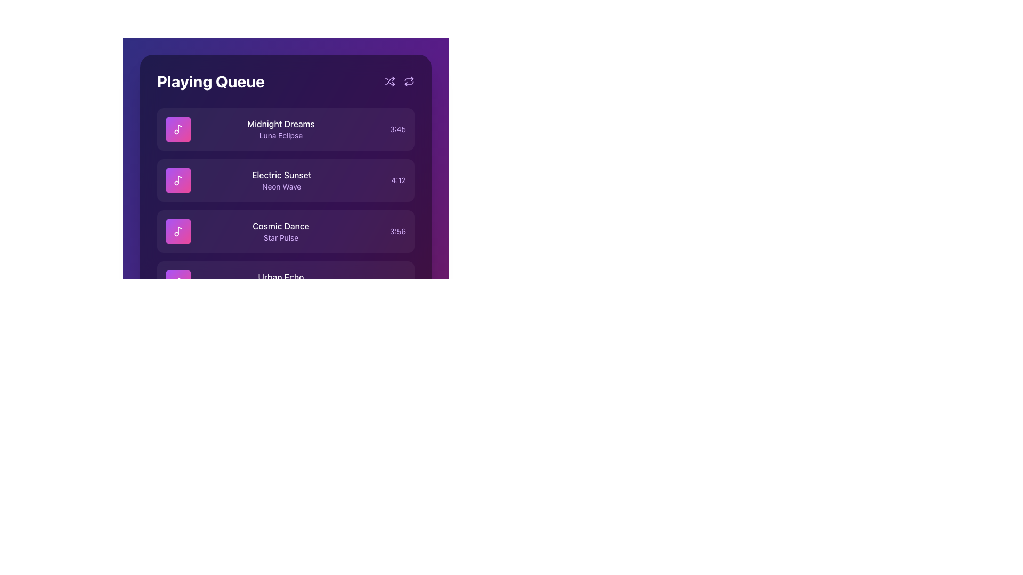  What do you see at coordinates (399, 81) in the screenshot?
I see `the interactive icon in the top-right corner of the 'Playing Queue' section` at bounding box center [399, 81].